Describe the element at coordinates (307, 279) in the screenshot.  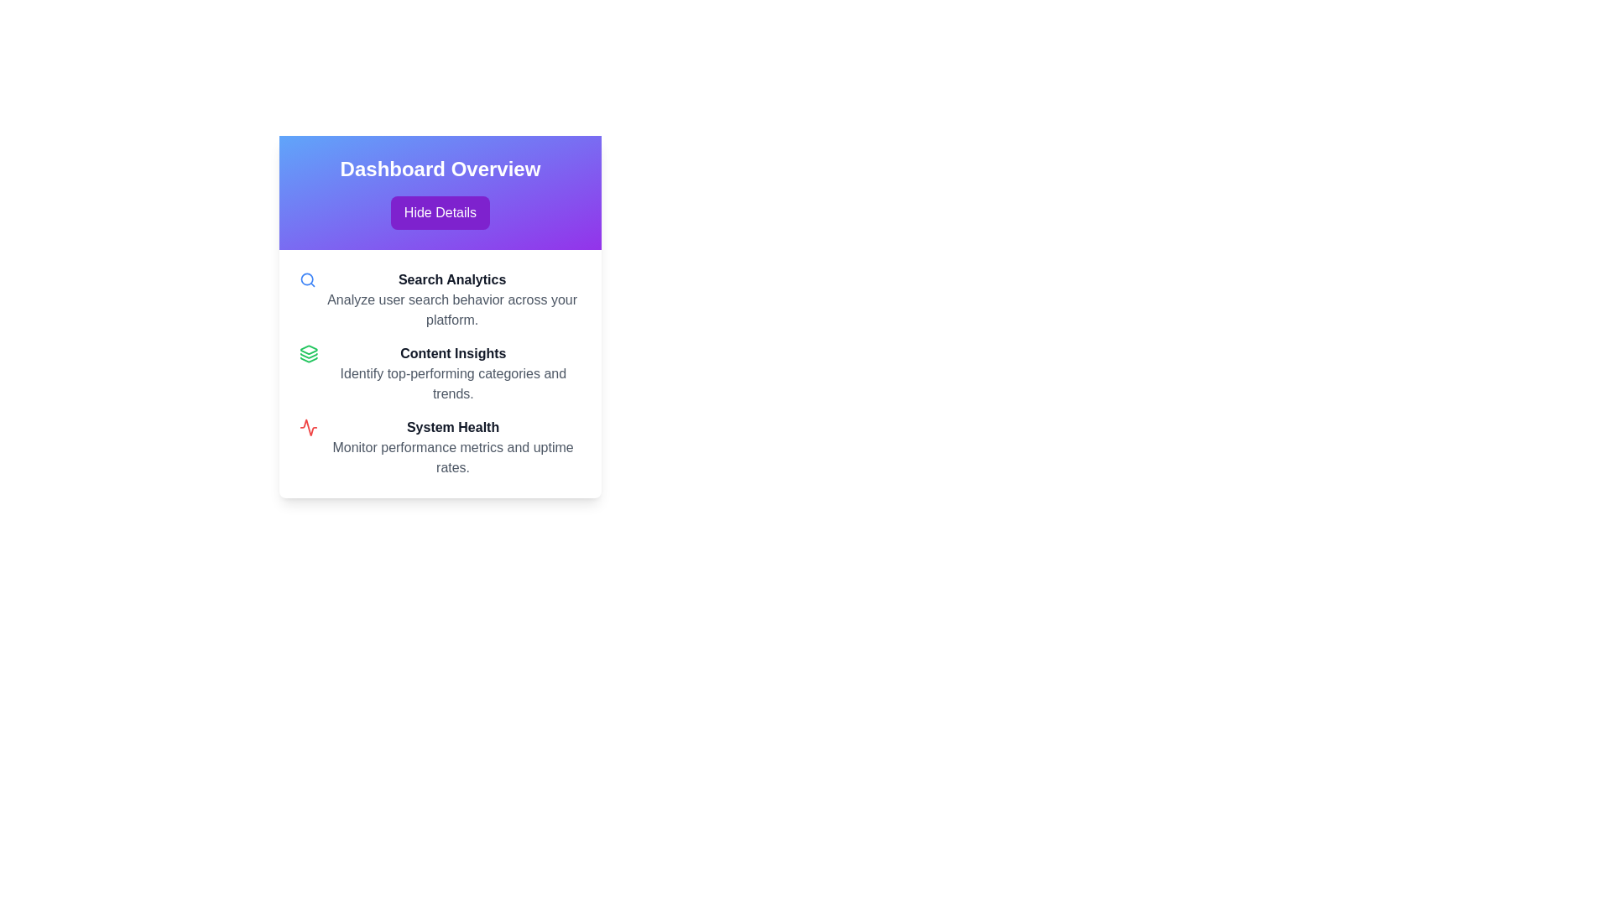
I see `the circular glass portion of the magnifying glass icon, which visually represents the lens section of the search icon` at that location.